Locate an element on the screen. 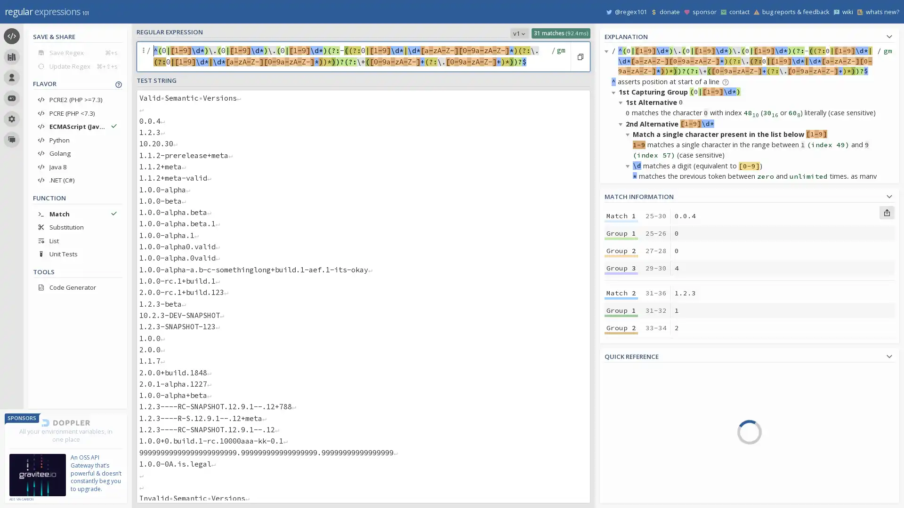  Group 1 is located at coordinates (621, 464).